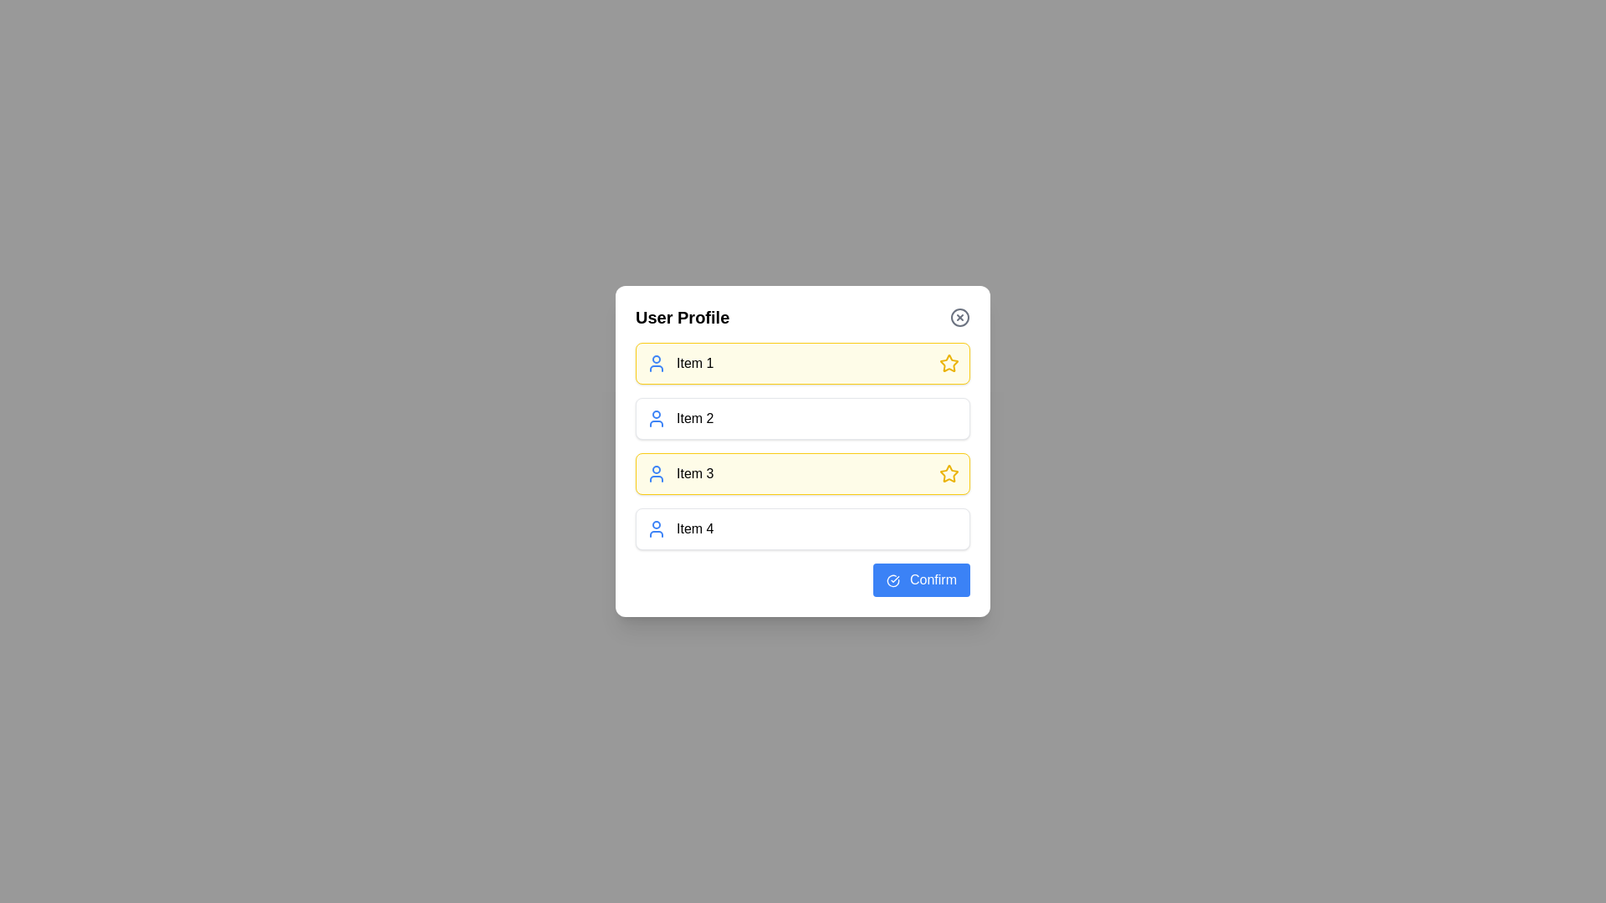 Image resolution: width=1606 pixels, height=903 pixels. Describe the element at coordinates (959, 318) in the screenshot. I see `the circular outlined button with an 'X' mark located at the top-right corner of the 'User Profile' header to trigger a color change` at that location.